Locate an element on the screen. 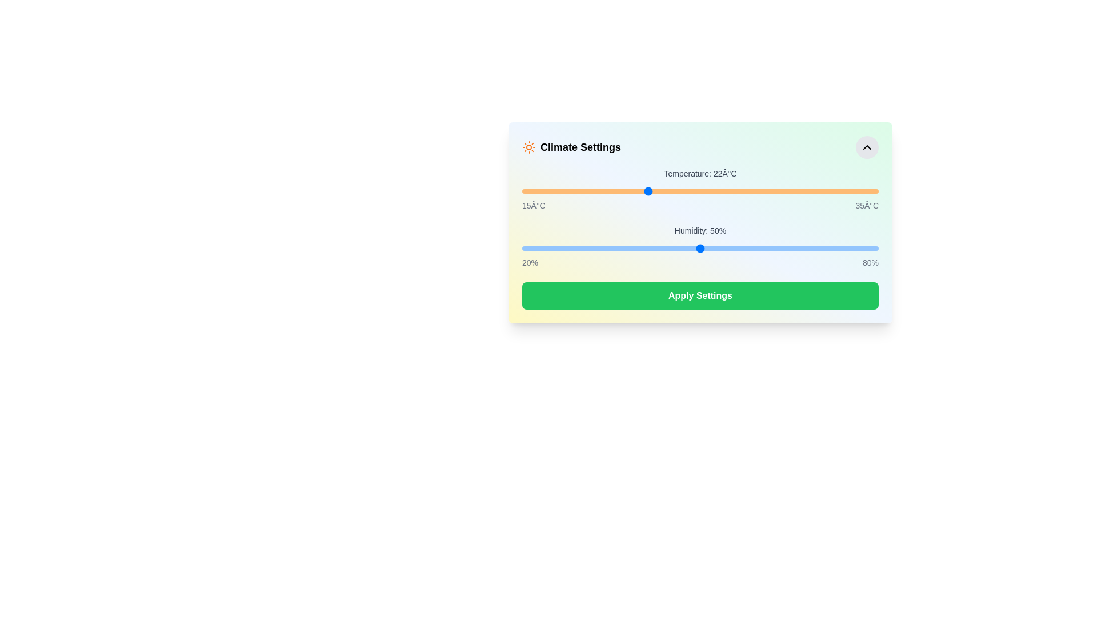 This screenshot has height=617, width=1097. the text label displaying '15°C', which is styled in gray and positioned as the leftmost element in the temperature range control is located at coordinates (533, 205).